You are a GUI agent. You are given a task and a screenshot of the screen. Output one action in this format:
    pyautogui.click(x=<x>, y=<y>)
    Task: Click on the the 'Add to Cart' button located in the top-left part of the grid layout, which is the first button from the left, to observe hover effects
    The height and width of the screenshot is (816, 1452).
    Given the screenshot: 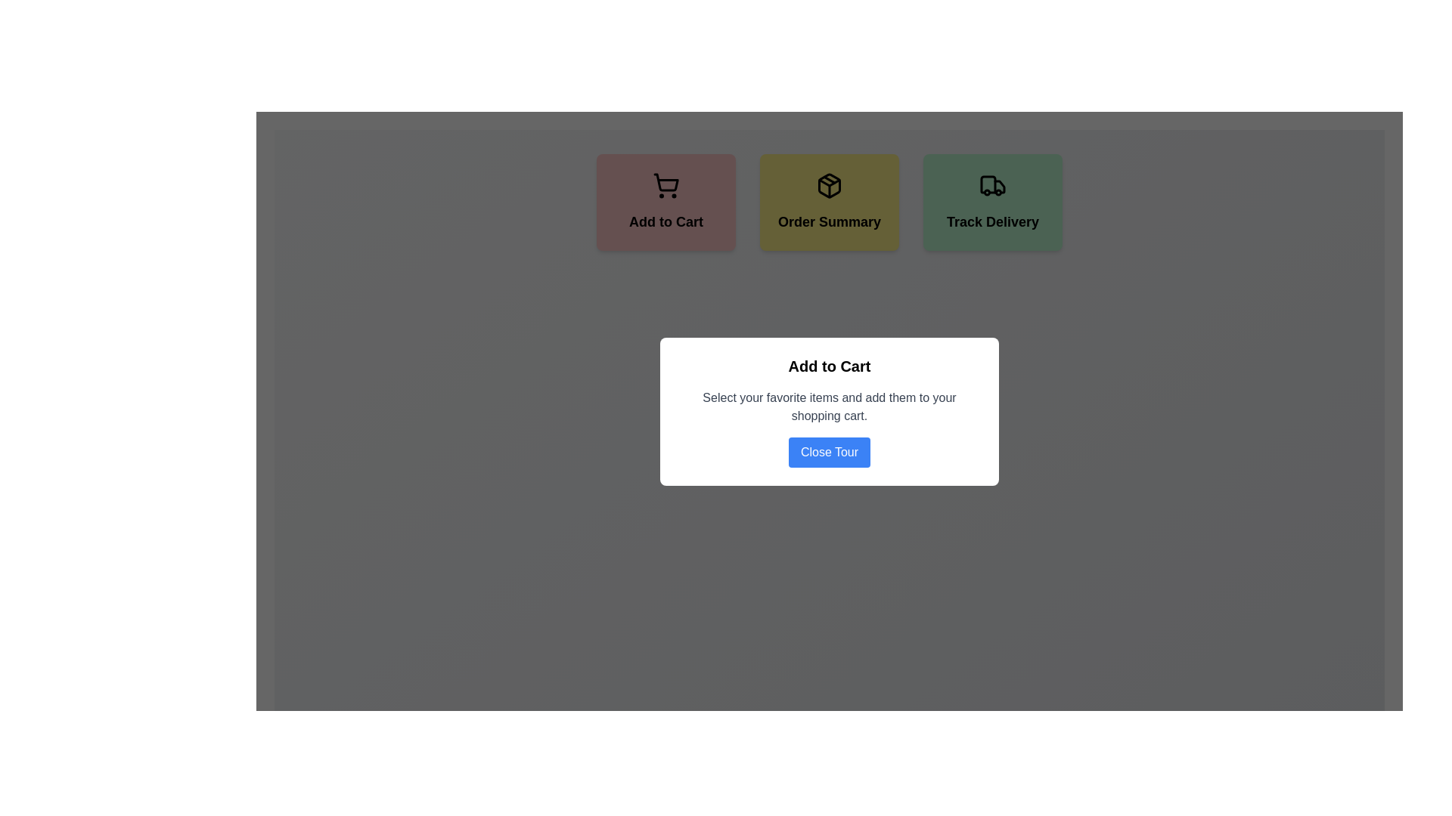 What is the action you would take?
    pyautogui.click(x=665, y=201)
    